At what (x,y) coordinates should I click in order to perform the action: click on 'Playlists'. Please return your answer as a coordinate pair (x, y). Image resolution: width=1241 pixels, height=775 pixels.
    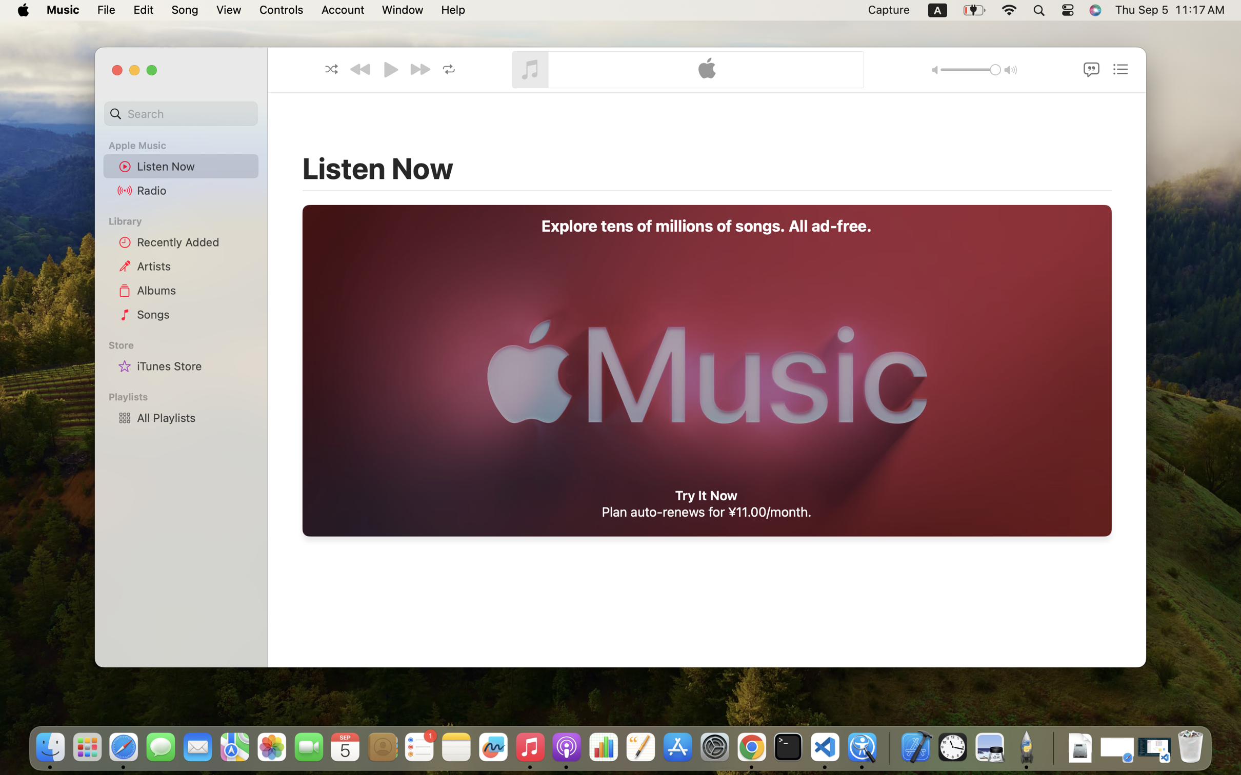
    Looking at the image, I should click on (186, 396).